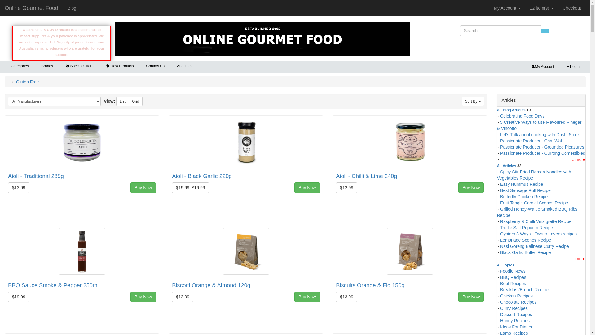 This screenshot has height=335, width=595. What do you see at coordinates (525, 289) in the screenshot?
I see `'Breakfast/Brunch Recipes'` at bounding box center [525, 289].